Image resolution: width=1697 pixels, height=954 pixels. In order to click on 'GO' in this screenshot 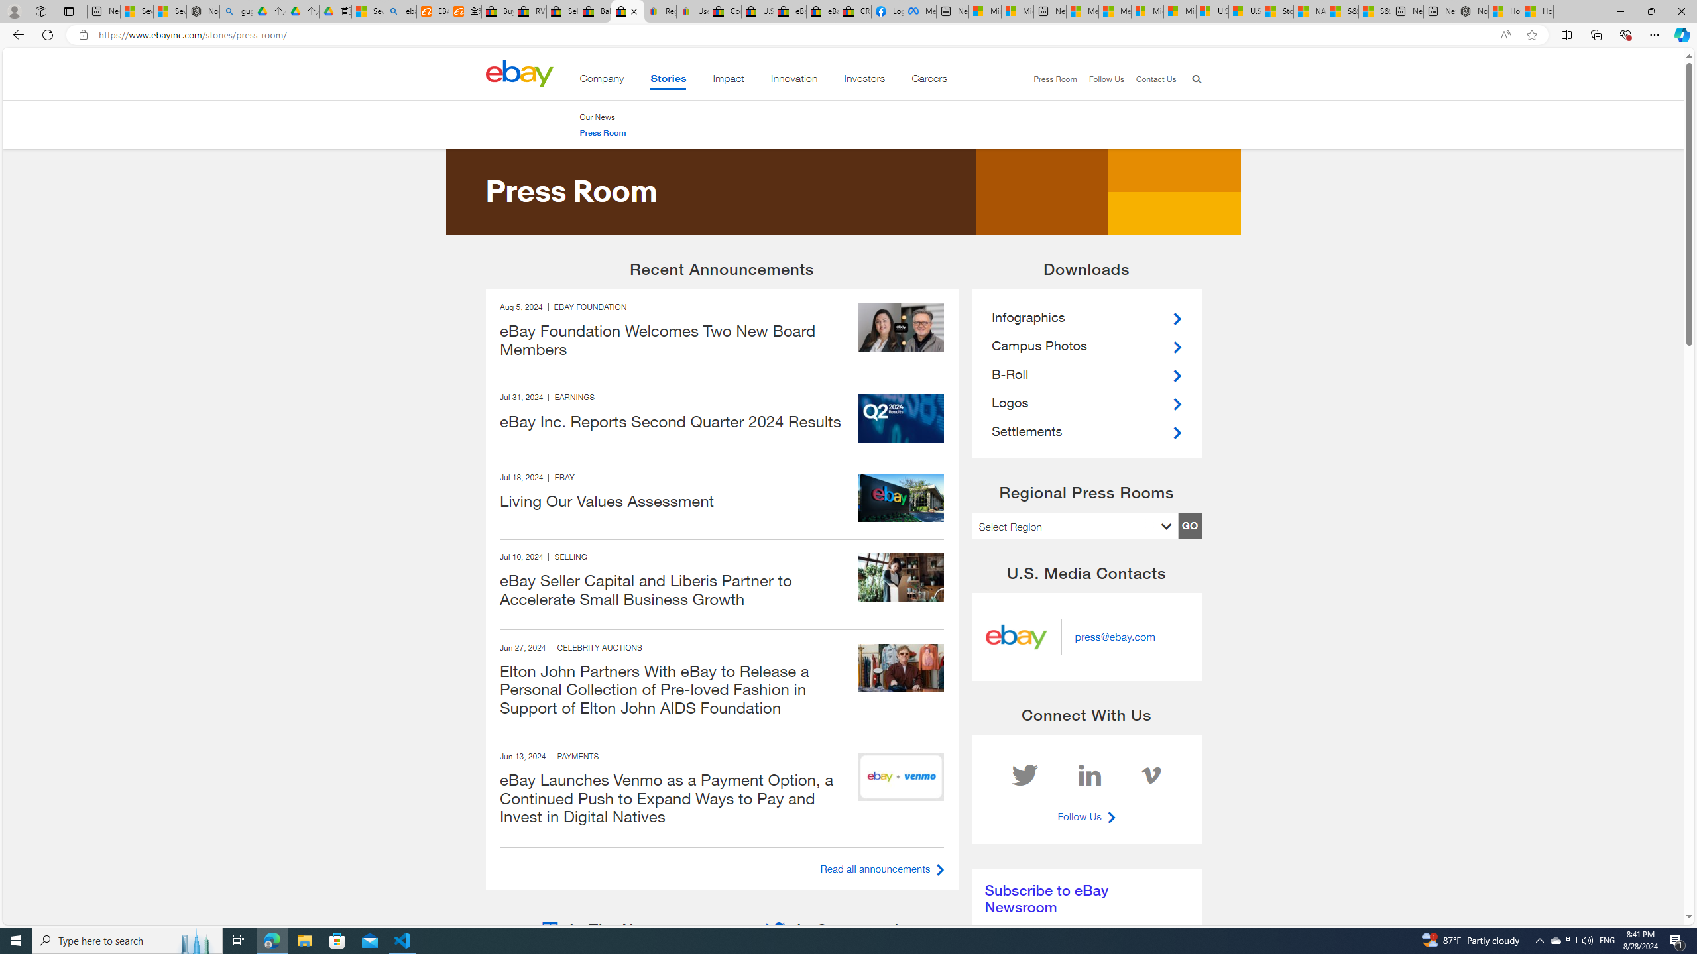, I will do `click(1189, 525)`.